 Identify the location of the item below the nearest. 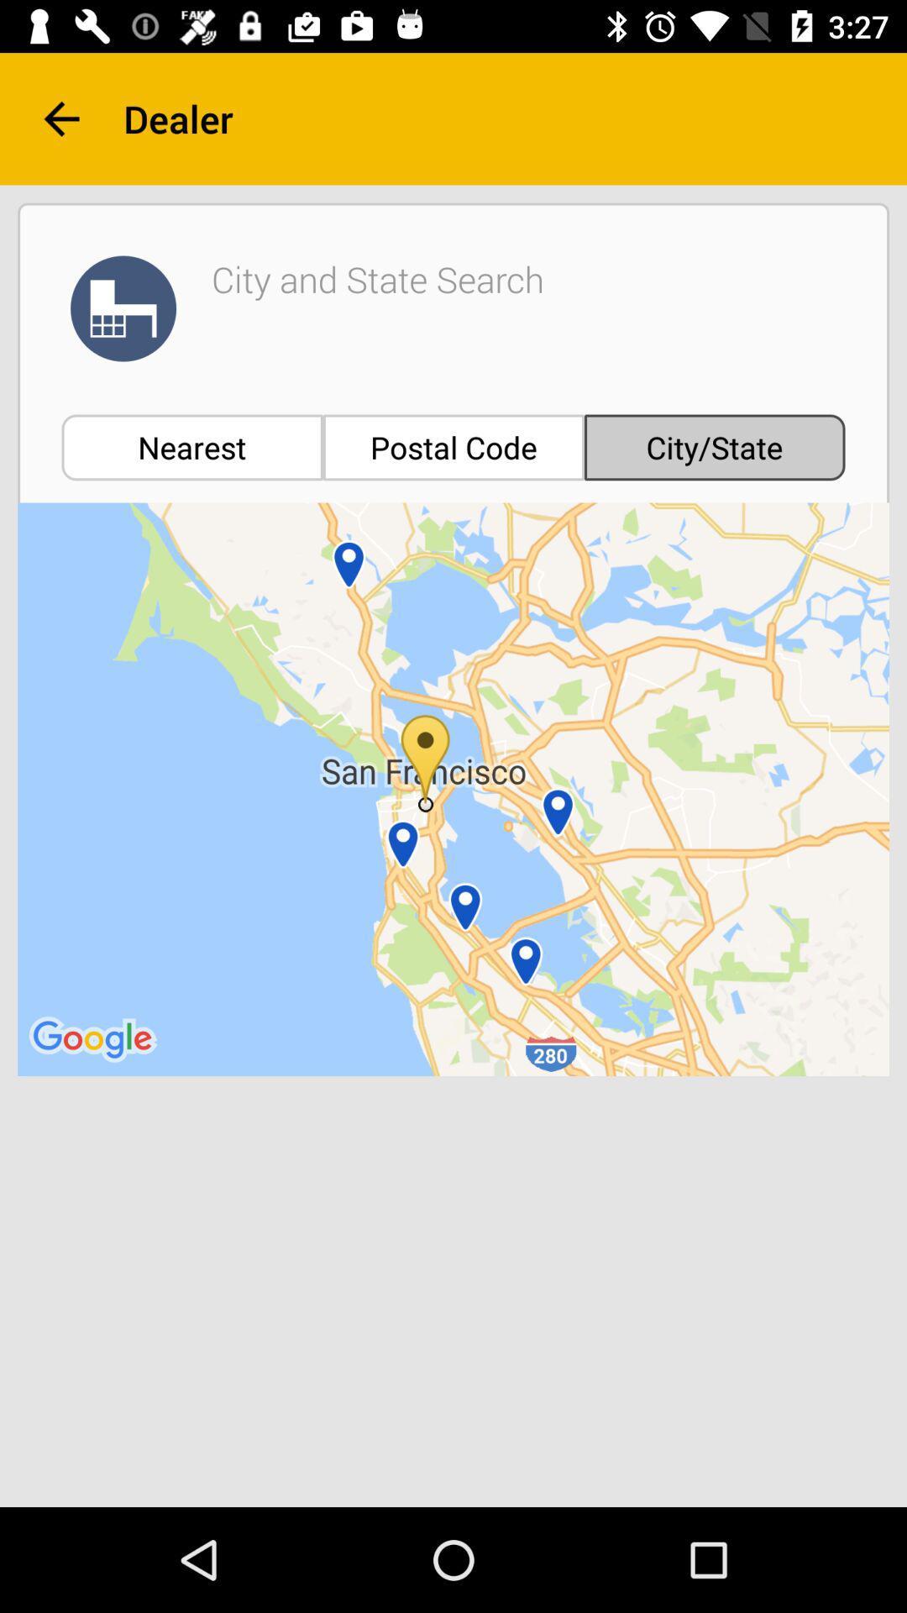
(453, 788).